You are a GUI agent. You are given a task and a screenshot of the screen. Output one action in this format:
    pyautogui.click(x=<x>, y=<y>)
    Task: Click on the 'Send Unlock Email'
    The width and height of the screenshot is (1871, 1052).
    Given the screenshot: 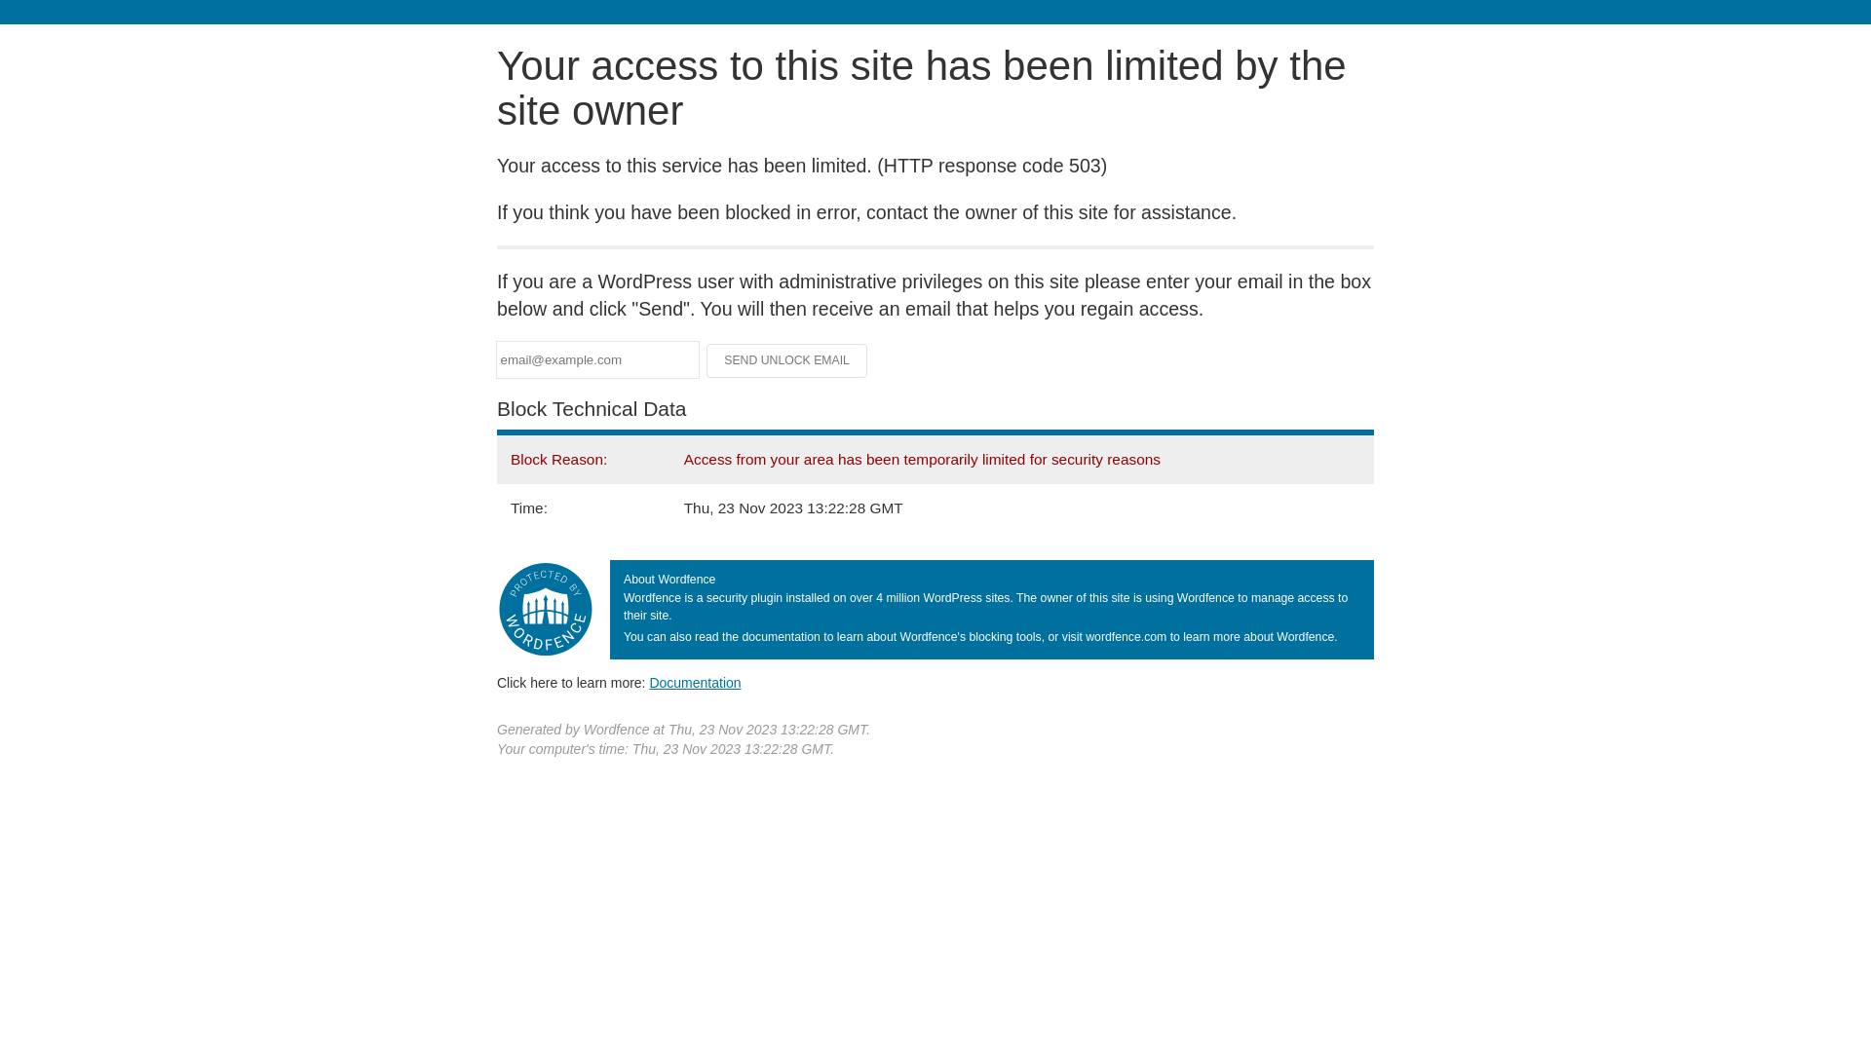 What is the action you would take?
    pyautogui.click(x=705, y=360)
    